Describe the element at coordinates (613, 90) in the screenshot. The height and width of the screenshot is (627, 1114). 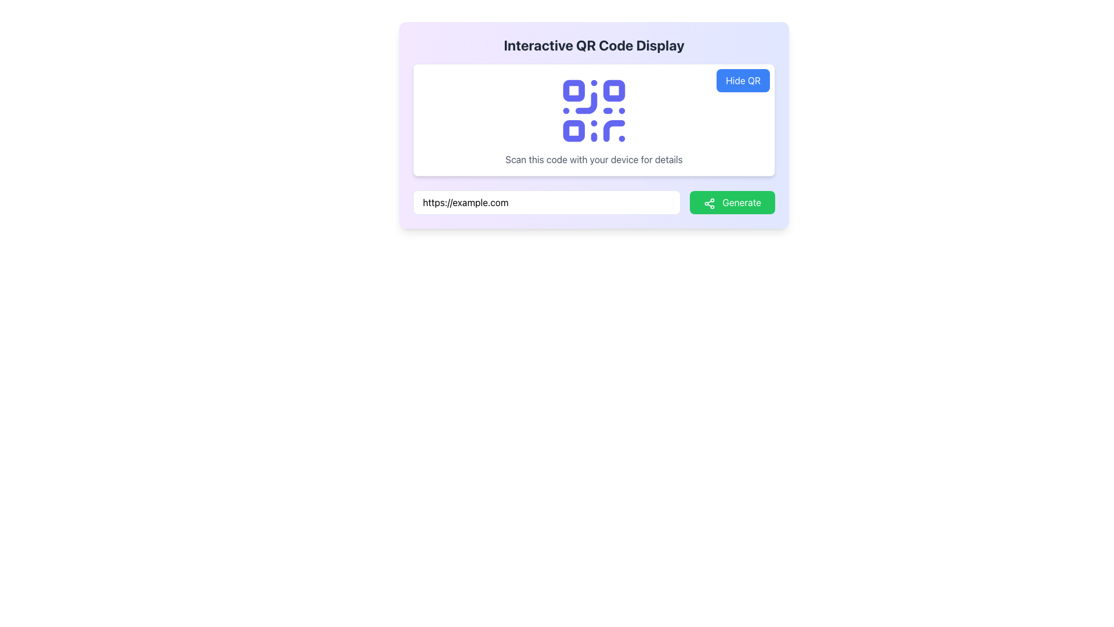
I see `the second square element within the QR code, which is positioned to the right of the first square` at that location.